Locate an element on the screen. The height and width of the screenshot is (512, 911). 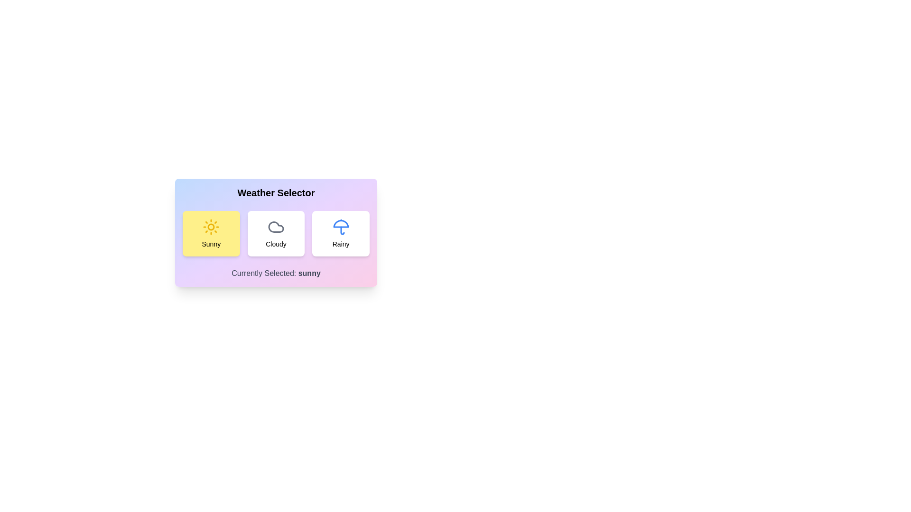
the weather option Cloudy by clicking its corresponding button is located at coordinates (275, 234).